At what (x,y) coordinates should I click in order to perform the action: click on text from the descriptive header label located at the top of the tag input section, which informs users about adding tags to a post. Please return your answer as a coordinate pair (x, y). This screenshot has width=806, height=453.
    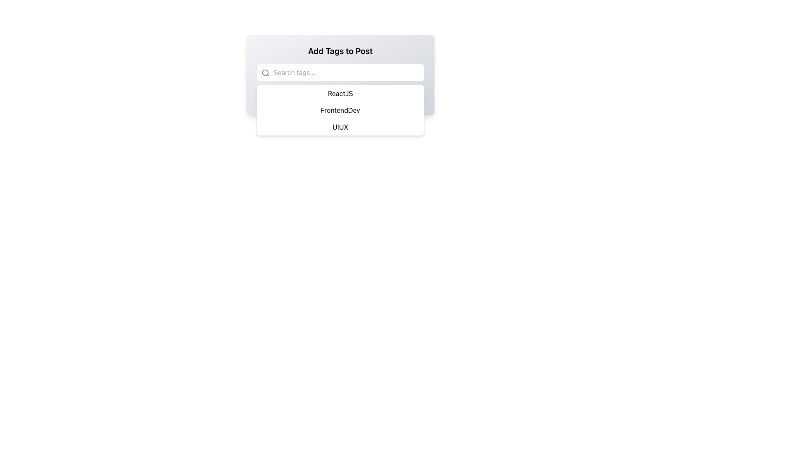
    Looking at the image, I should click on (340, 51).